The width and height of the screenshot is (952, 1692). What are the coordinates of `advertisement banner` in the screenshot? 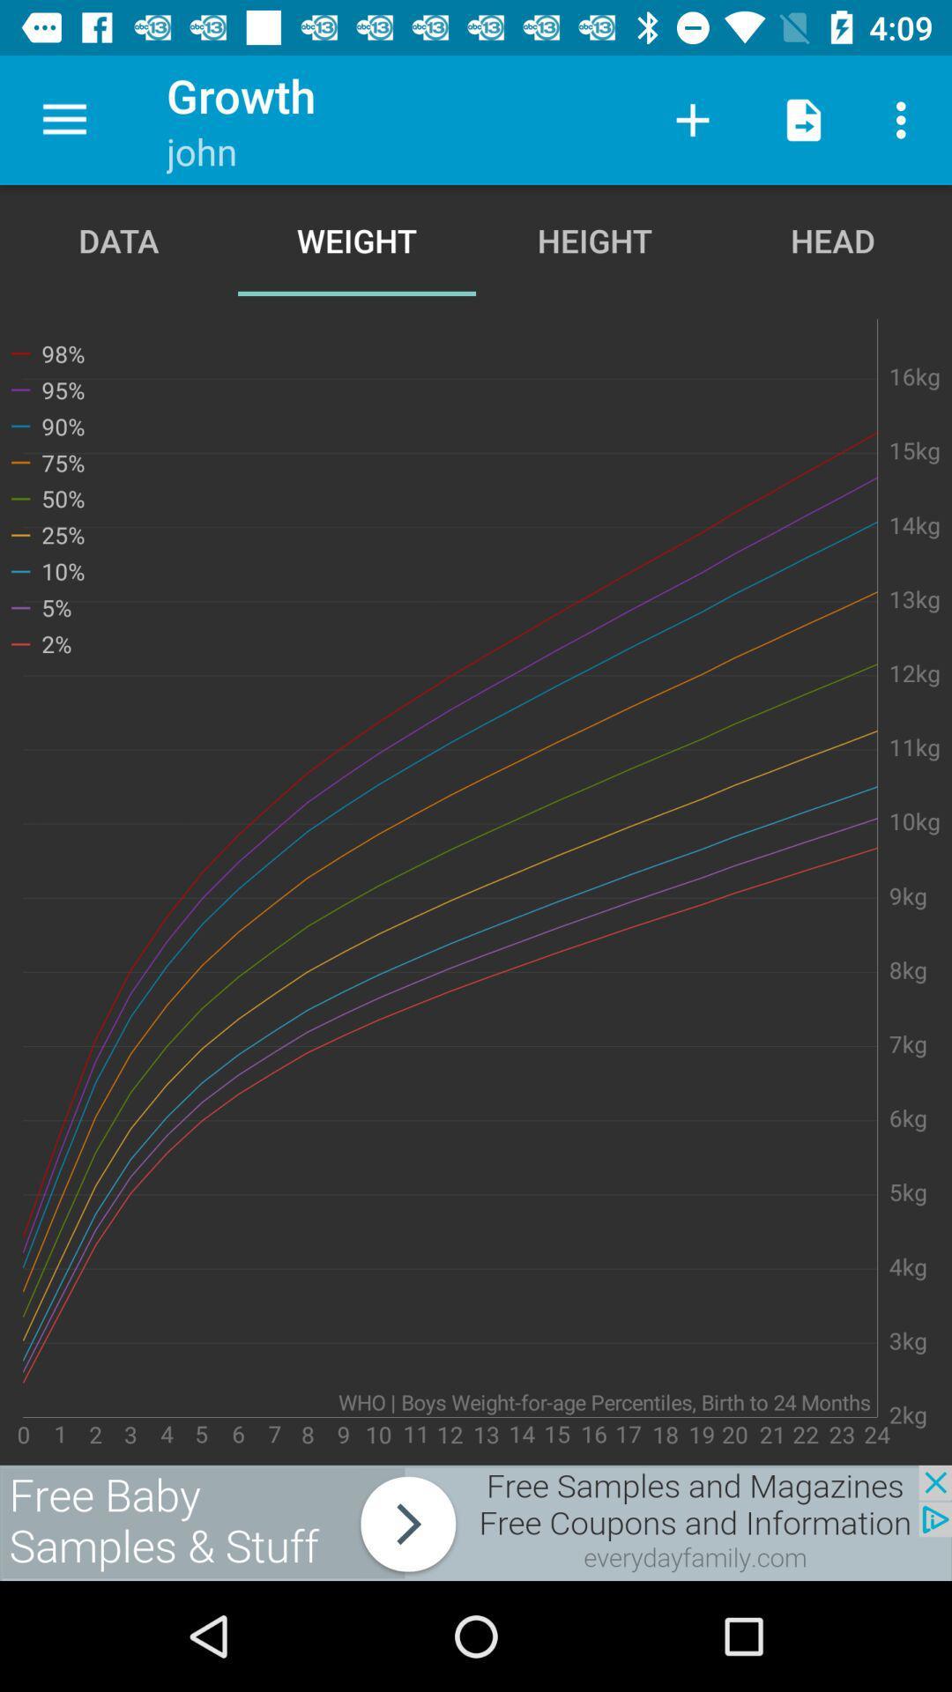 It's located at (476, 1522).